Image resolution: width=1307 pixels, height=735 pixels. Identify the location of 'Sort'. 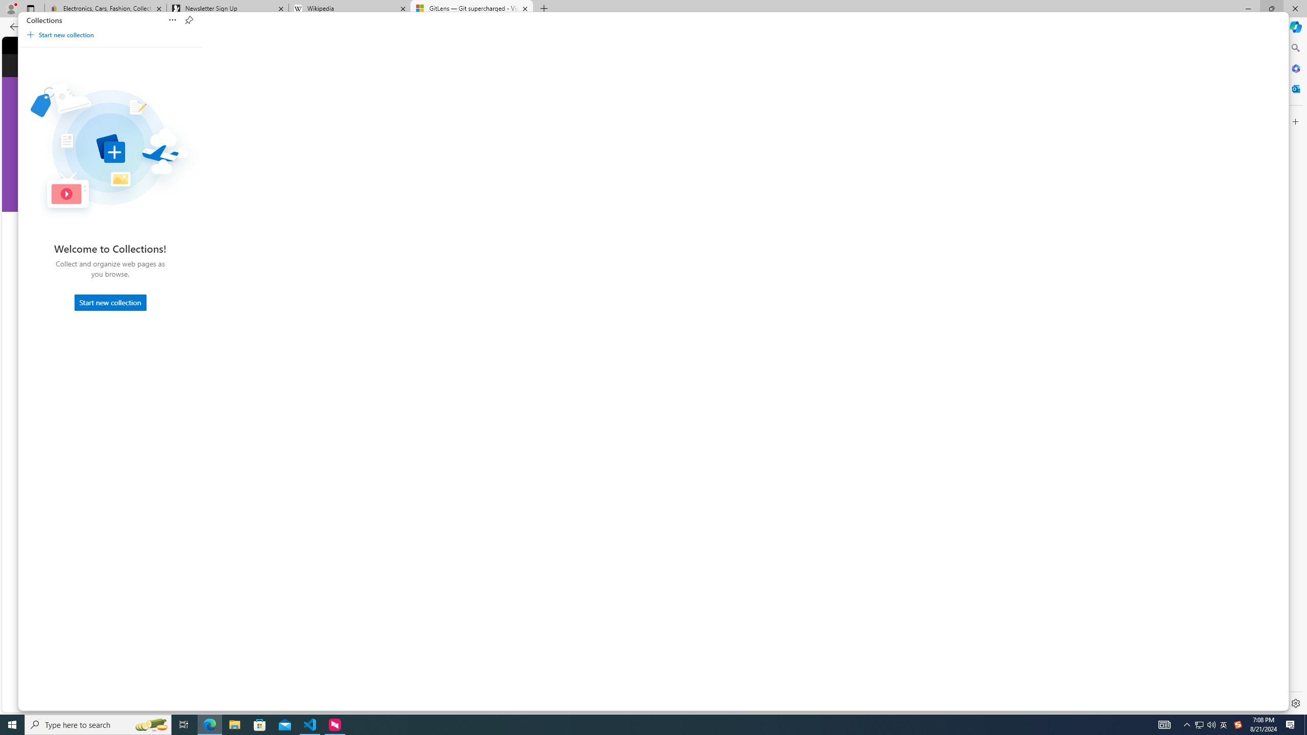
(173, 20).